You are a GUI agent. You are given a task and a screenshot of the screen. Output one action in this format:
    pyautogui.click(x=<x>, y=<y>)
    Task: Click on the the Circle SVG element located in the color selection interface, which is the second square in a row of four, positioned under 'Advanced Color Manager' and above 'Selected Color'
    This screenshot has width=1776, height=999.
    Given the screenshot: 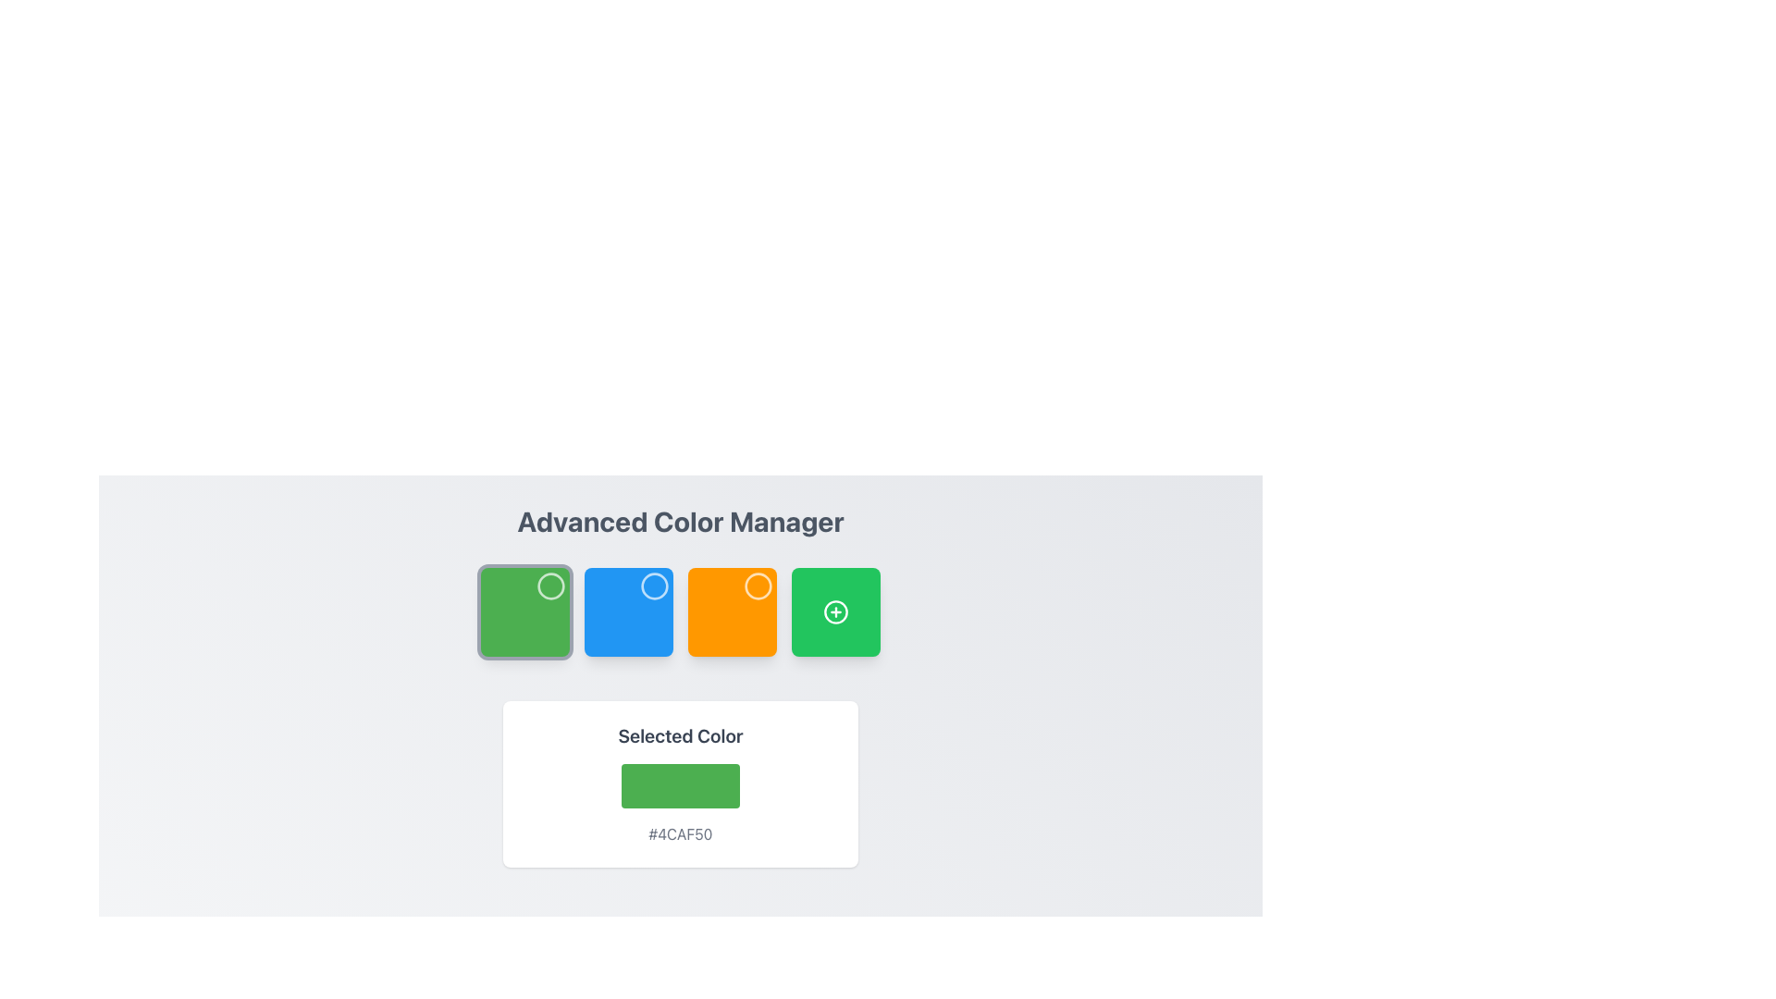 What is the action you would take?
    pyautogui.click(x=655, y=586)
    